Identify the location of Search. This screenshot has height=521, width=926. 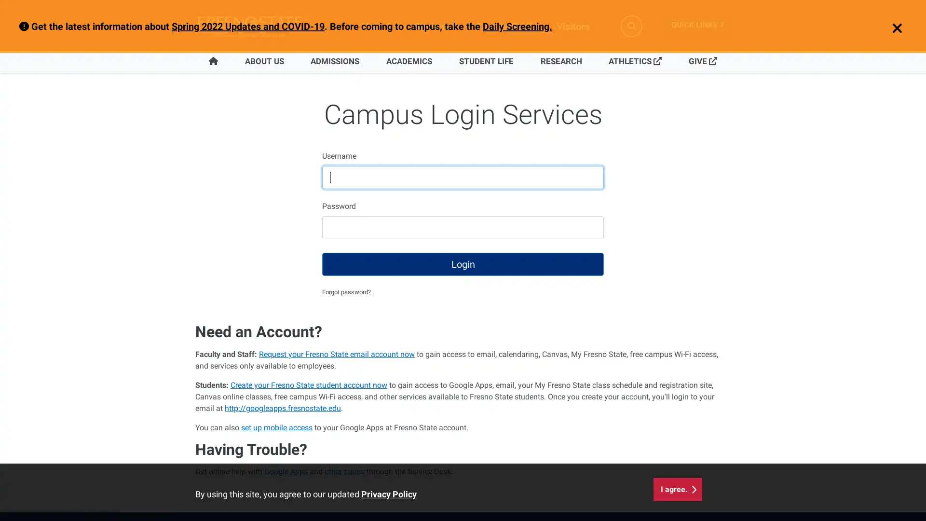
(631, 26).